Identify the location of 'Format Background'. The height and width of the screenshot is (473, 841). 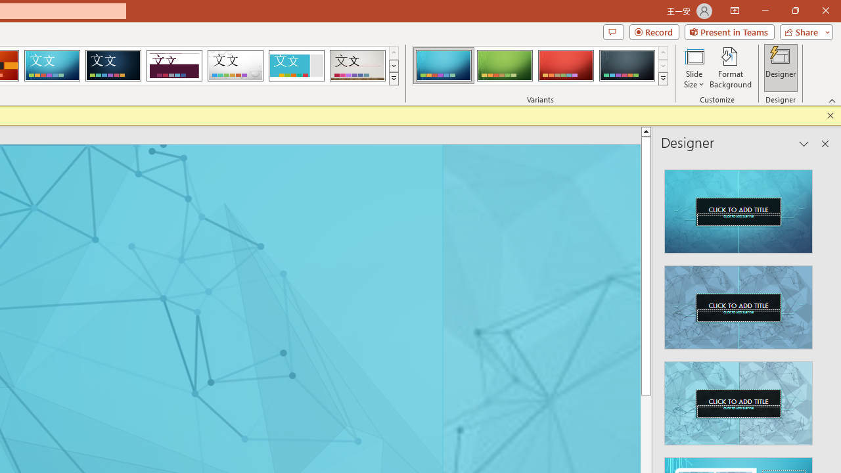
(730, 68).